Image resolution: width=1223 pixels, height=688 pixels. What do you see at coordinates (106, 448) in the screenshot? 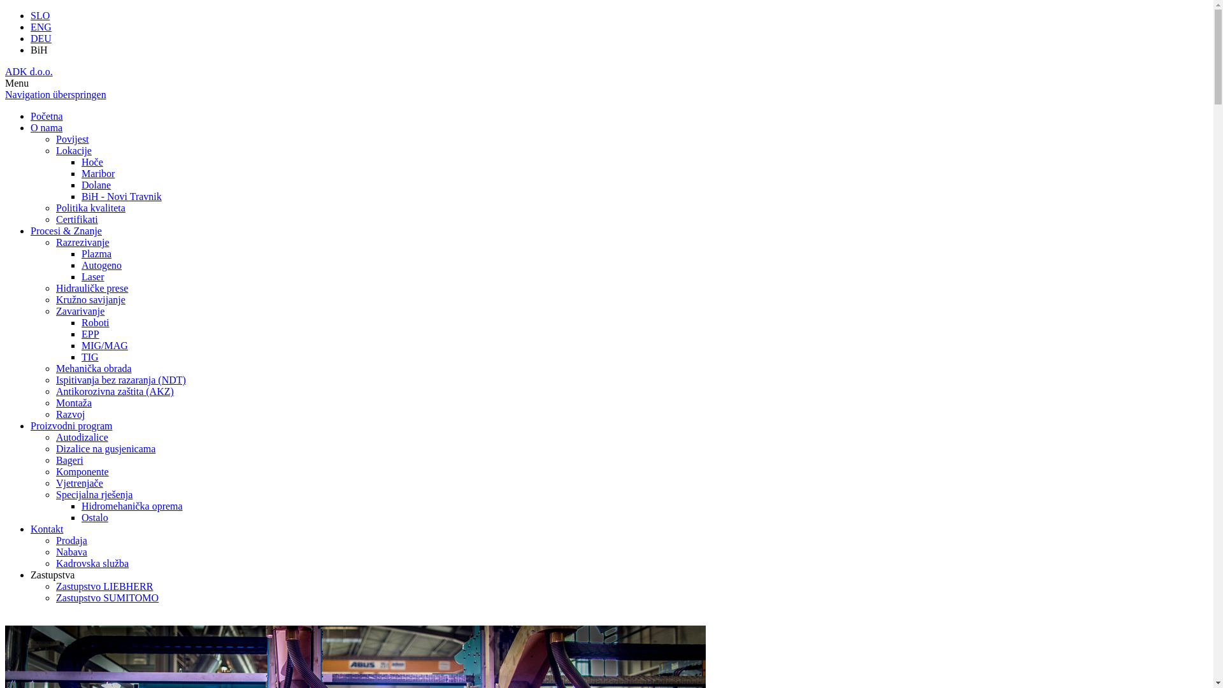
I see `'Dizalice na gusjenicama'` at bounding box center [106, 448].